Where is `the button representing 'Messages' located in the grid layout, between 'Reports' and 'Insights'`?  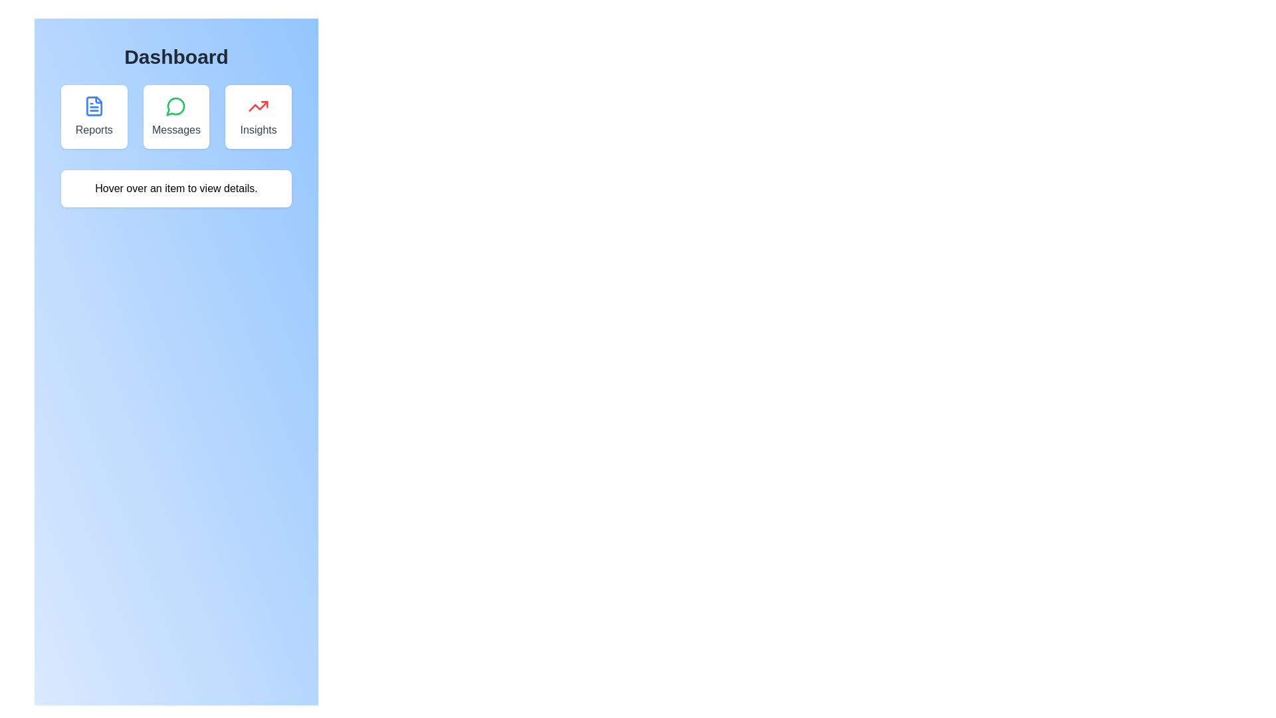 the button representing 'Messages' located in the grid layout, between 'Reports' and 'Insights' is located at coordinates (175, 116).